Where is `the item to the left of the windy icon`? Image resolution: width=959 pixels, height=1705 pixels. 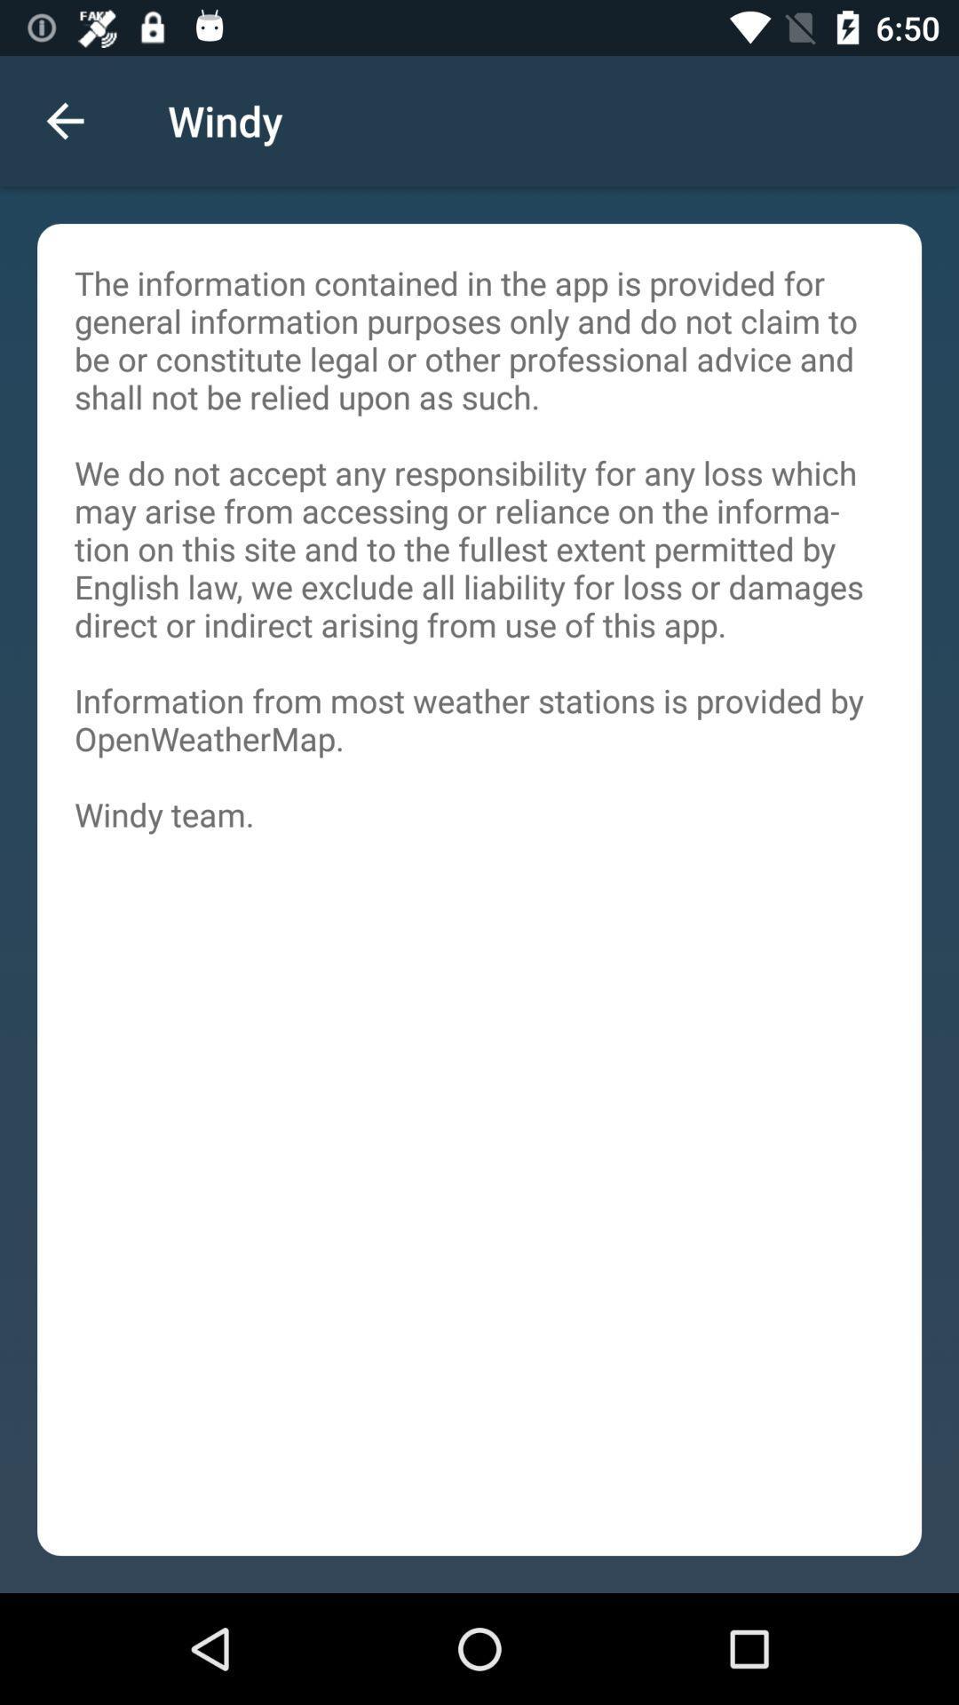 the item to the left of the windy icon is located at coordinates (64, 120).